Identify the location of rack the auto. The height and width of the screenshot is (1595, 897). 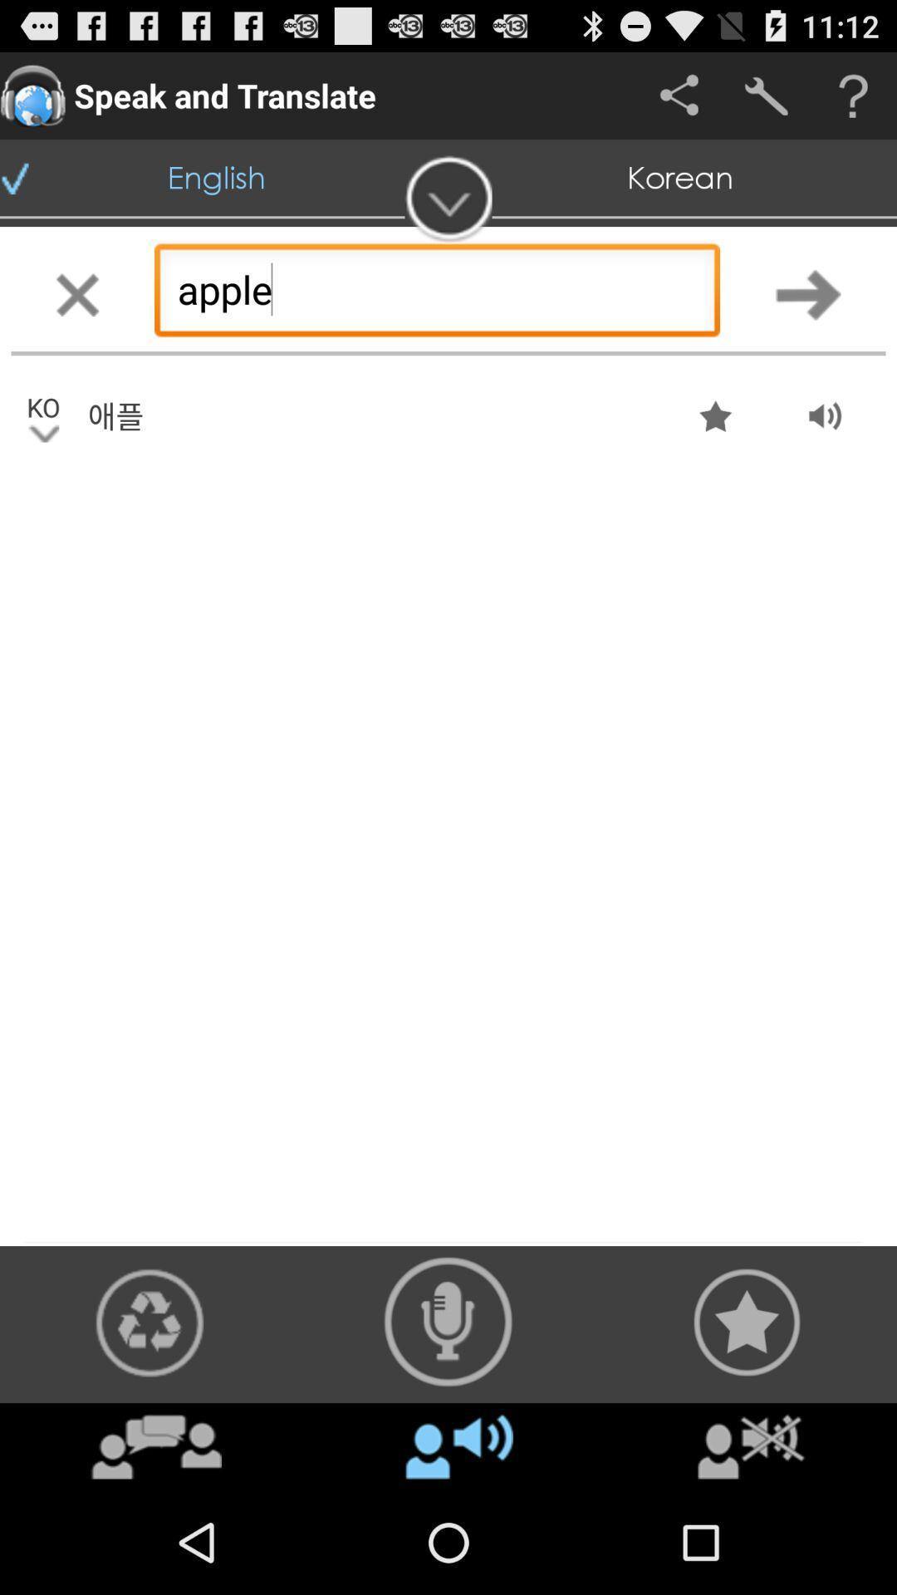
(448, 1321).